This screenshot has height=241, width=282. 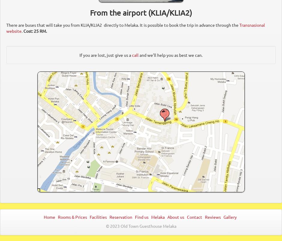 What do you see at coordinates (195, 216) in the screenshot?
I see `'Contact'` at bounding box center [195, 216].